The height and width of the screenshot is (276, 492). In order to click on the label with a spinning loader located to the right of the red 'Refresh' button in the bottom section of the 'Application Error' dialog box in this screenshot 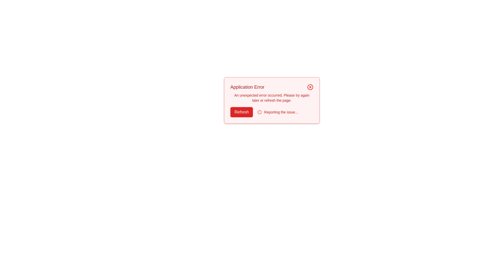, I will do `click(277, 112)`.